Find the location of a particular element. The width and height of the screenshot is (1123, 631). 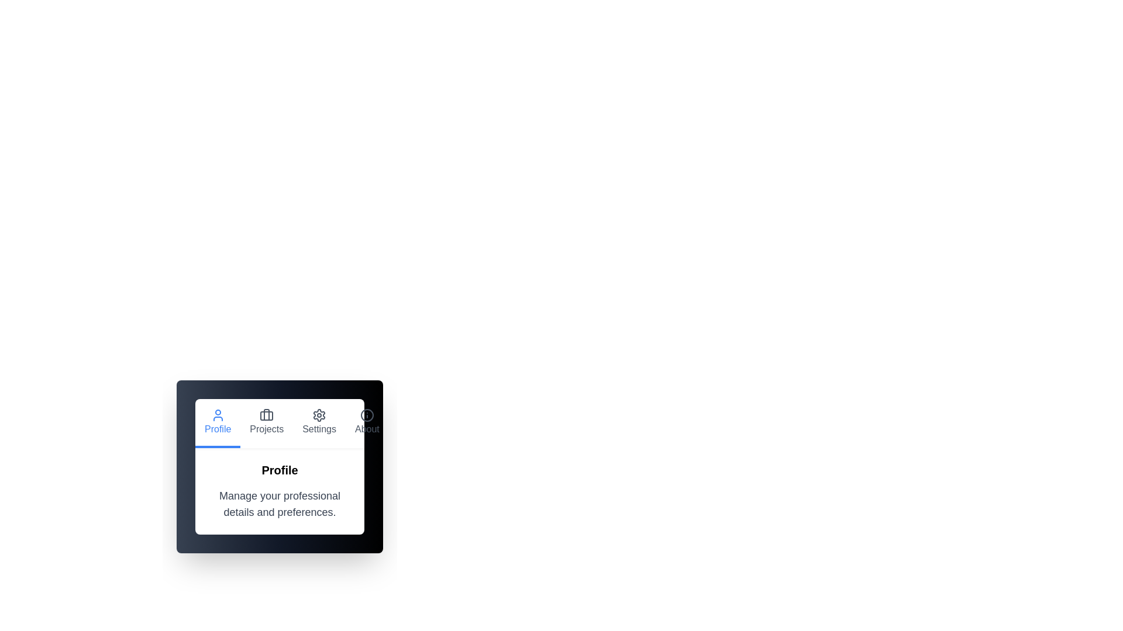

the tab button labeled Settings is located at coordinates (319, 424).